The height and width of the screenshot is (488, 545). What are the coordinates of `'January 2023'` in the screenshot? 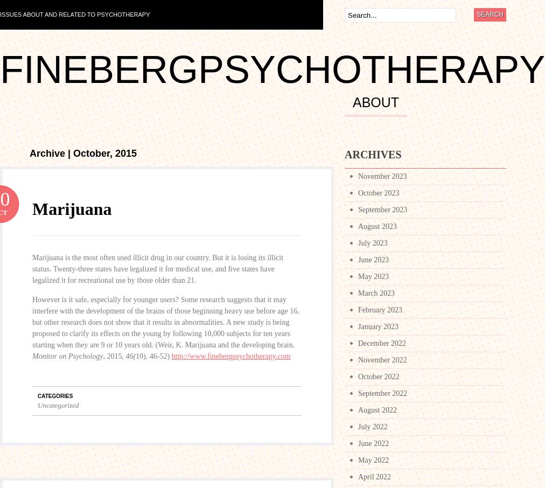 It's located at (378, 326).